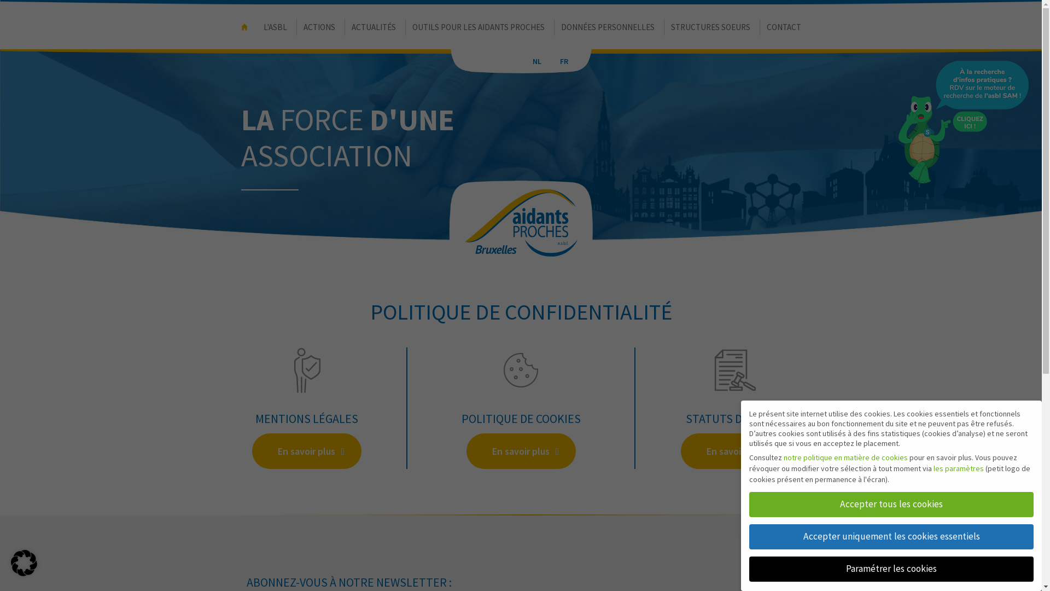 Image resolution: width=1050 pixels, height=591 pixels. Describe the element at coordinates (670, 25) in the screenshot. I see `'STRUCTURES SOEURS'` at that location.